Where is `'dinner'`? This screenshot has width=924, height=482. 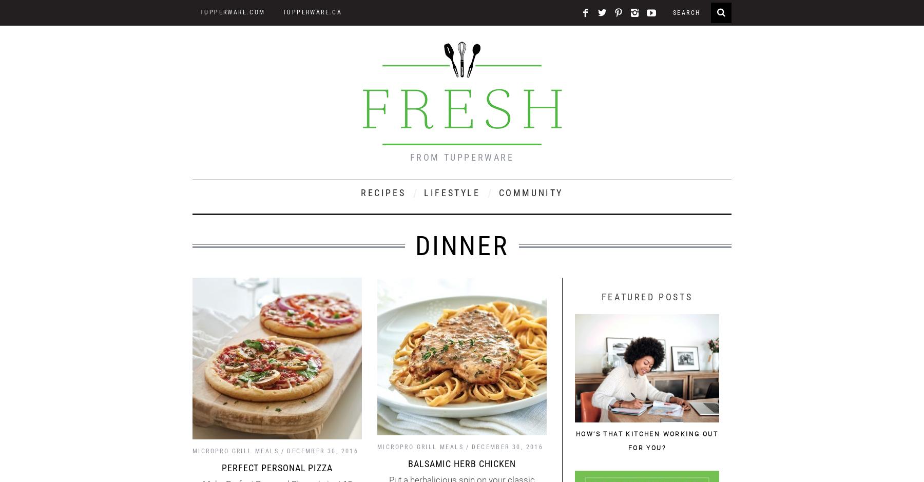
'dinner' is located at coordinates (461, 245).